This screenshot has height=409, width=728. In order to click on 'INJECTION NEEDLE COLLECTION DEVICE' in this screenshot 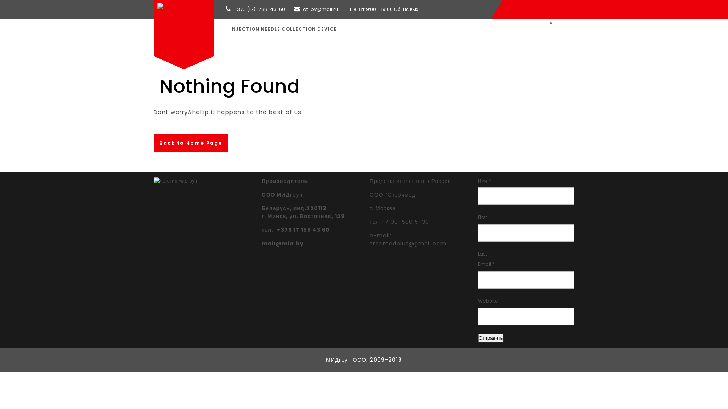, I will do `click(283, 29)`.